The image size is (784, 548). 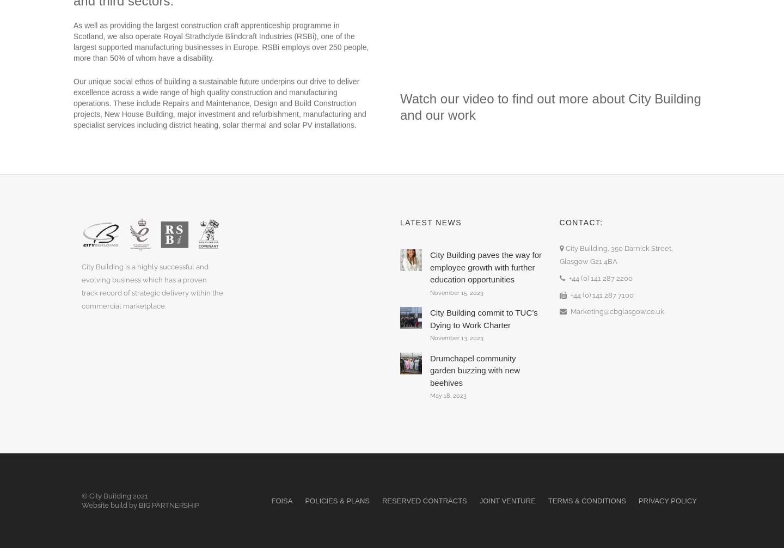 What do you see at coordinates (667, 500) in the screenshot?
I see `'Privacy Policy'` at bounding box center [667, 500].